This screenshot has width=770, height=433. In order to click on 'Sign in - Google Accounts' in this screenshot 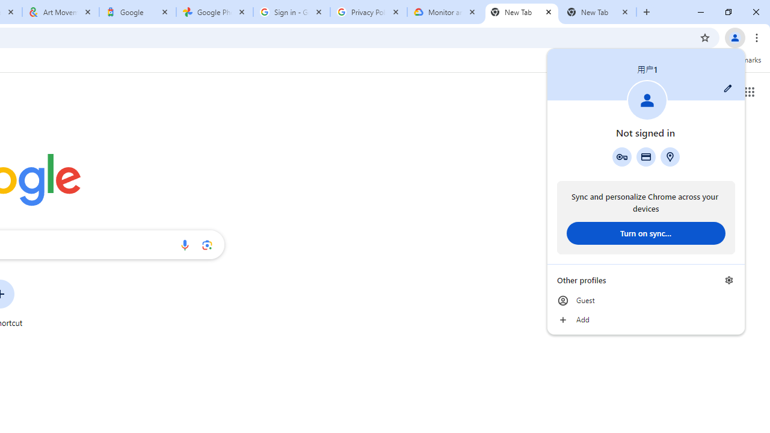, I will do `click(292, 12)`.